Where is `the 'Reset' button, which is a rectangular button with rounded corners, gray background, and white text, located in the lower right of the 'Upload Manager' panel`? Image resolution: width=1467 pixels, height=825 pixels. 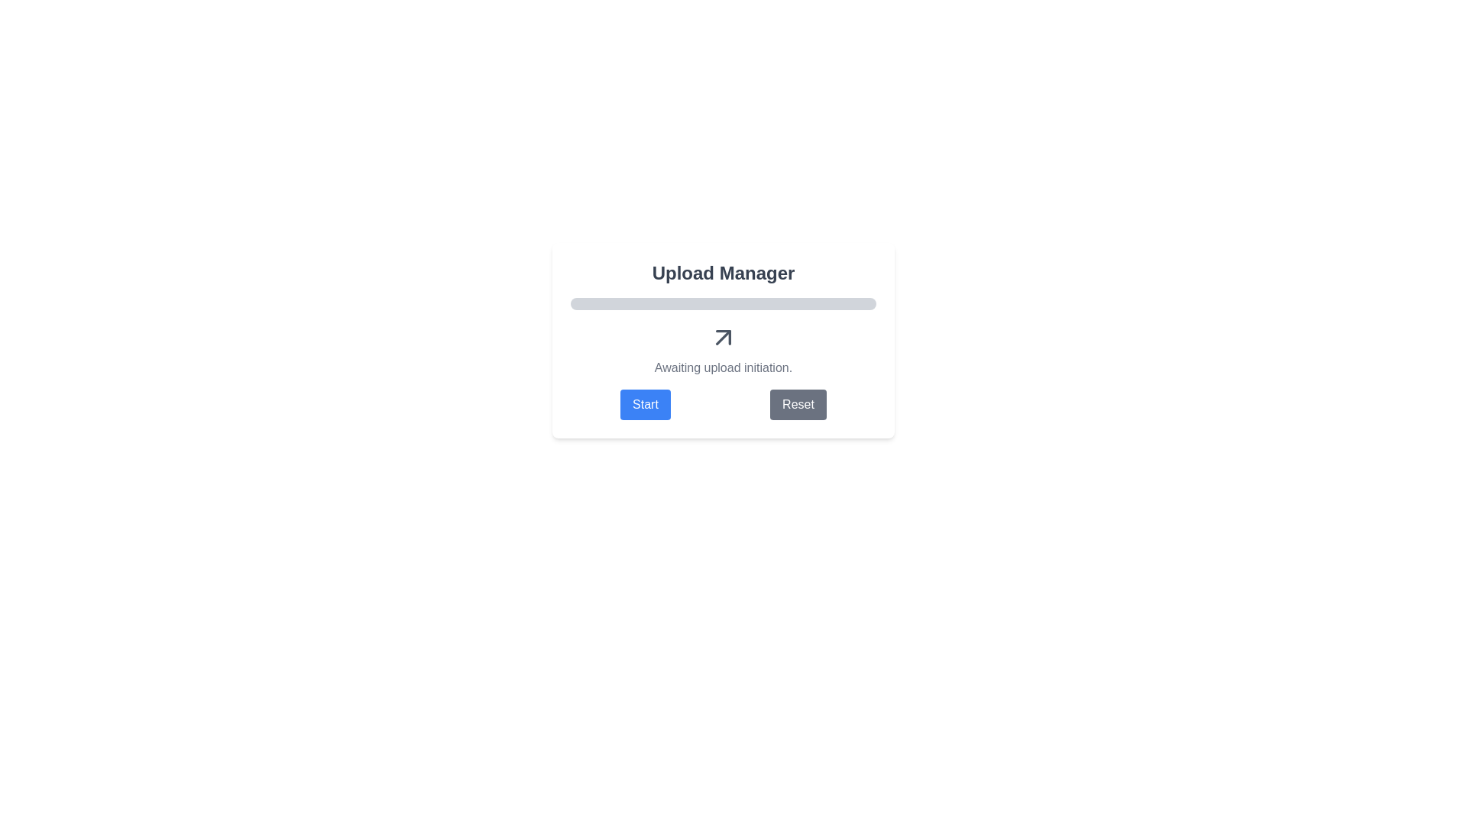
the 'Reset' button, which is a rectangular button with rounded corners, gray background, and white text, located in the lower right of the 'Upload Manager' panel is located at coordinates (798, 403).